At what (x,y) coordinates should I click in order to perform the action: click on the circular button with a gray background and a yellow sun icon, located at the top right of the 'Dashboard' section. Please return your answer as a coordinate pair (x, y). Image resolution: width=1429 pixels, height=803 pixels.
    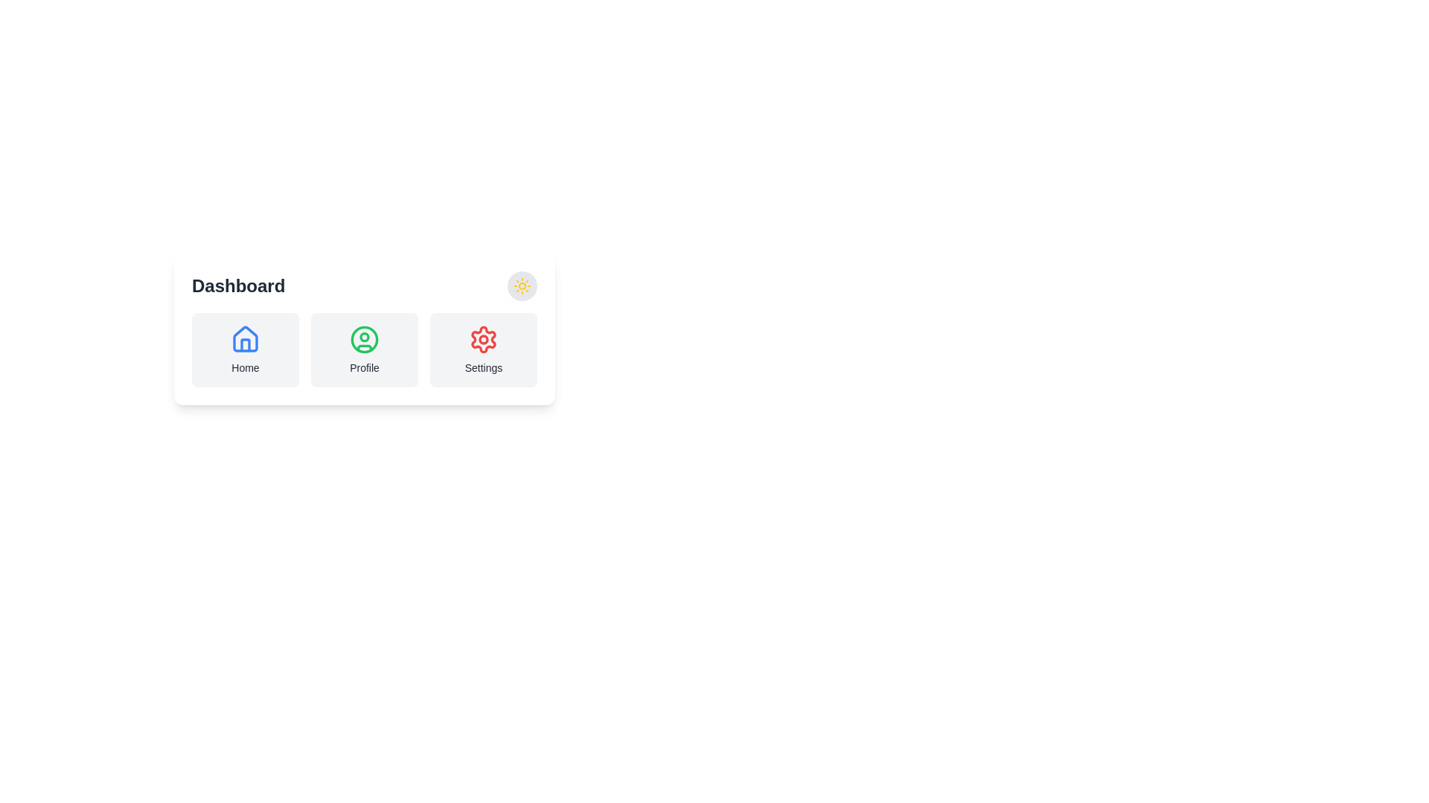
    Looking at the image, I should click on (522, 286).